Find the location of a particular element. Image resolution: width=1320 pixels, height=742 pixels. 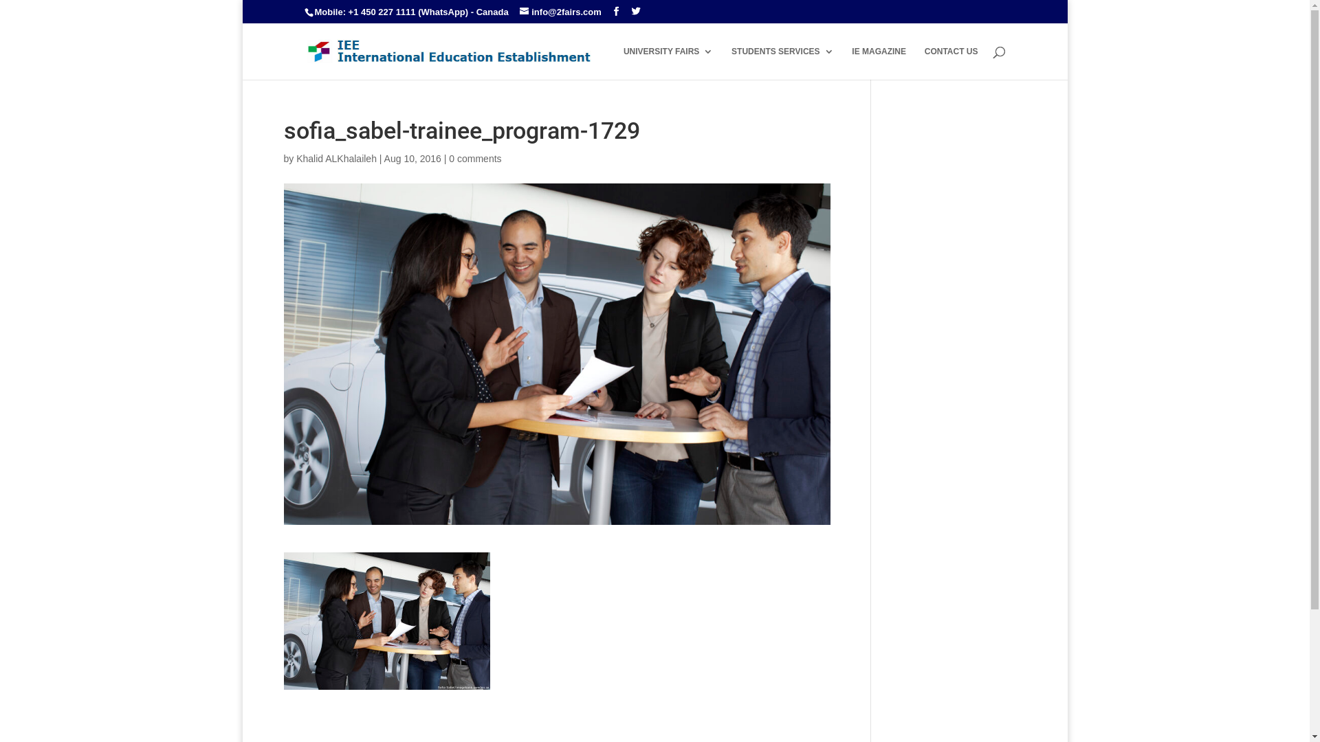

'IE MAGAZINE' is located at coordinates (878, 63).